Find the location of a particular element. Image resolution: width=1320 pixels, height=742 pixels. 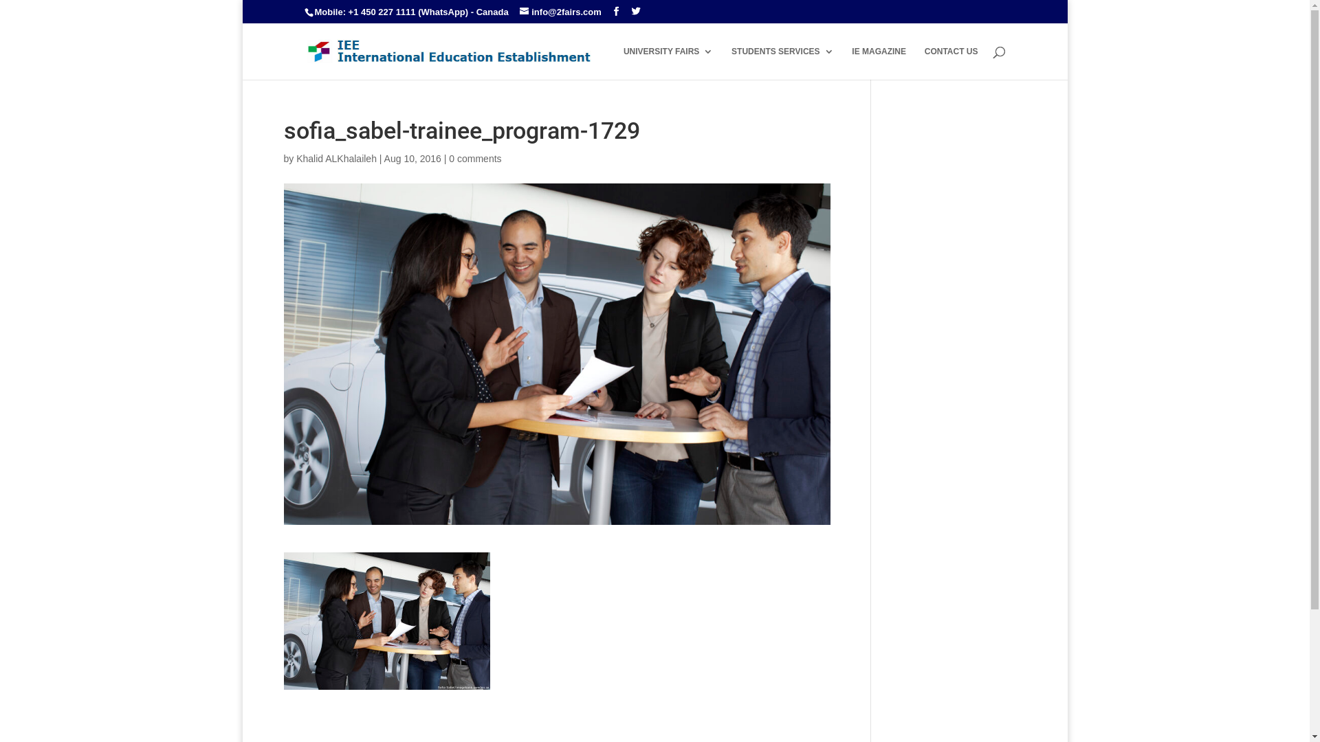

'IE MAGAZINE' is located at coordinates (878, 63).